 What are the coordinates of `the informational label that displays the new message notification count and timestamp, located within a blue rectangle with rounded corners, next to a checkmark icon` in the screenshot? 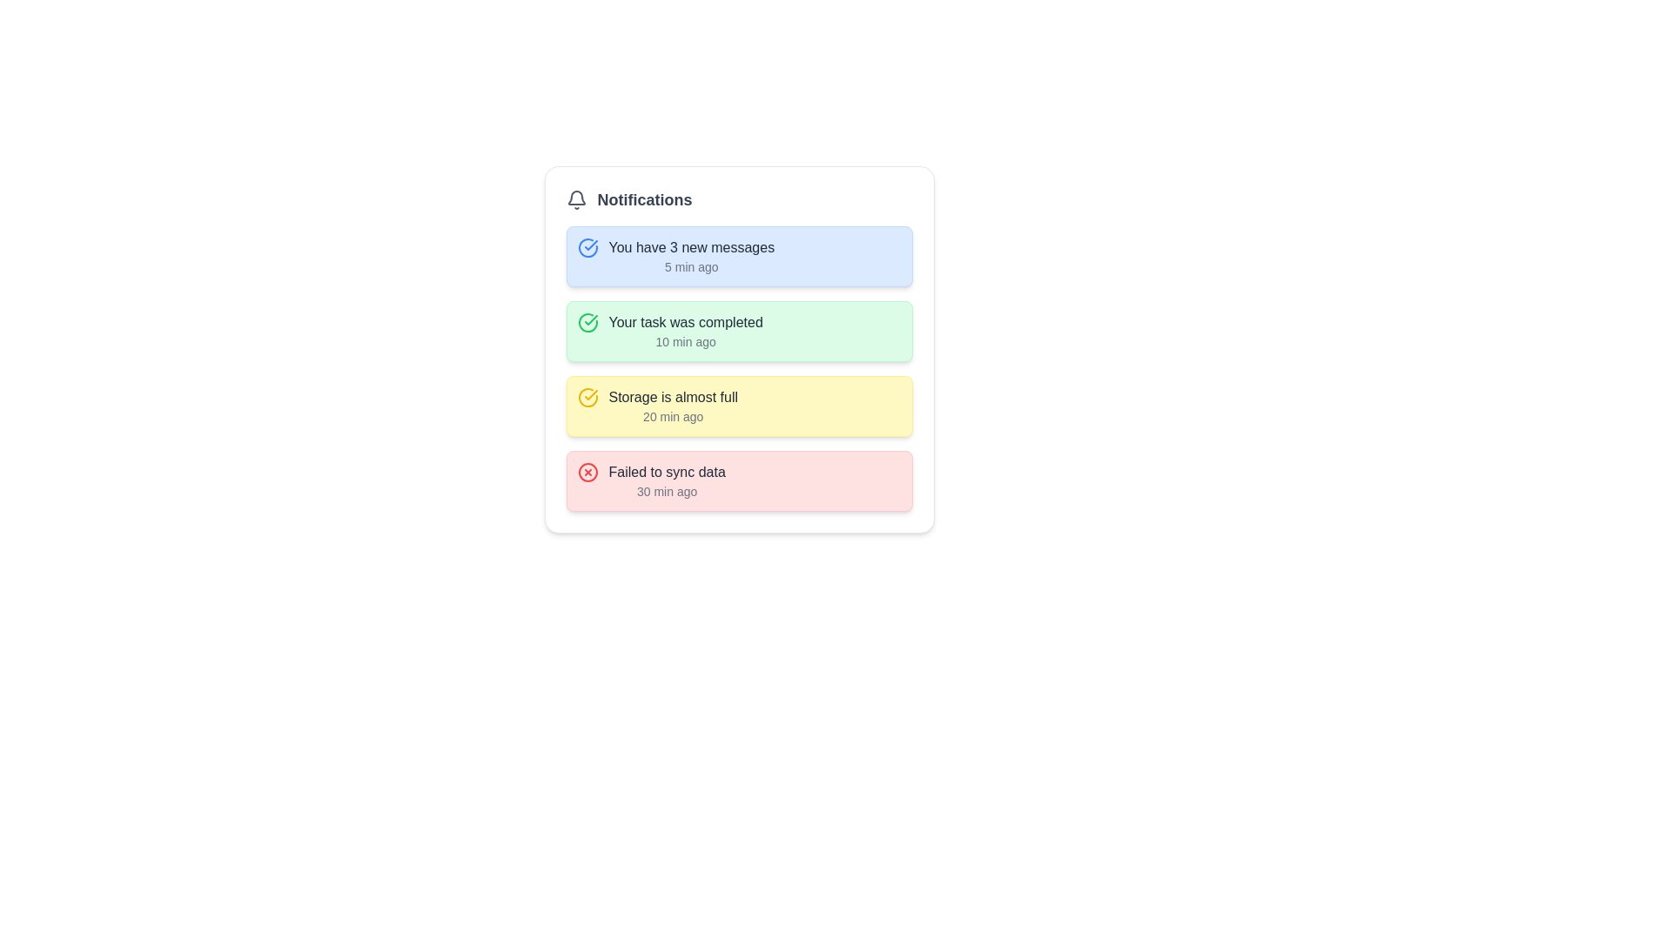 It's located at (690, 256).